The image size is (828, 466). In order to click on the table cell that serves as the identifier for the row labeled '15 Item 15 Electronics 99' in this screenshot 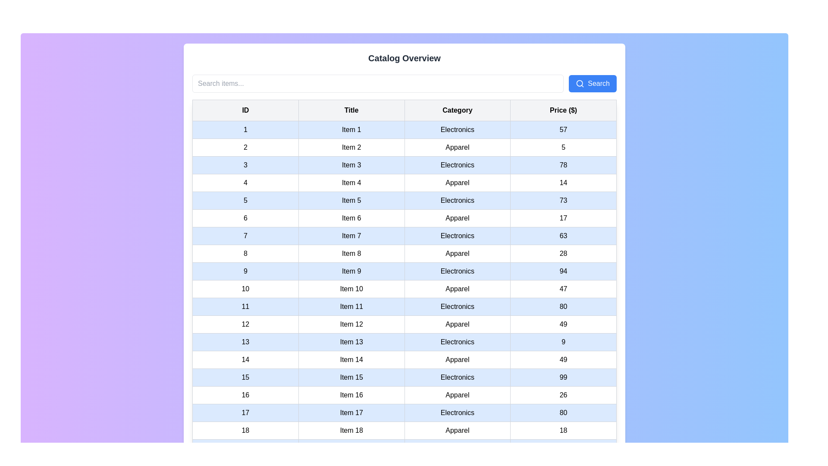, I will do `click(245, 377)`.